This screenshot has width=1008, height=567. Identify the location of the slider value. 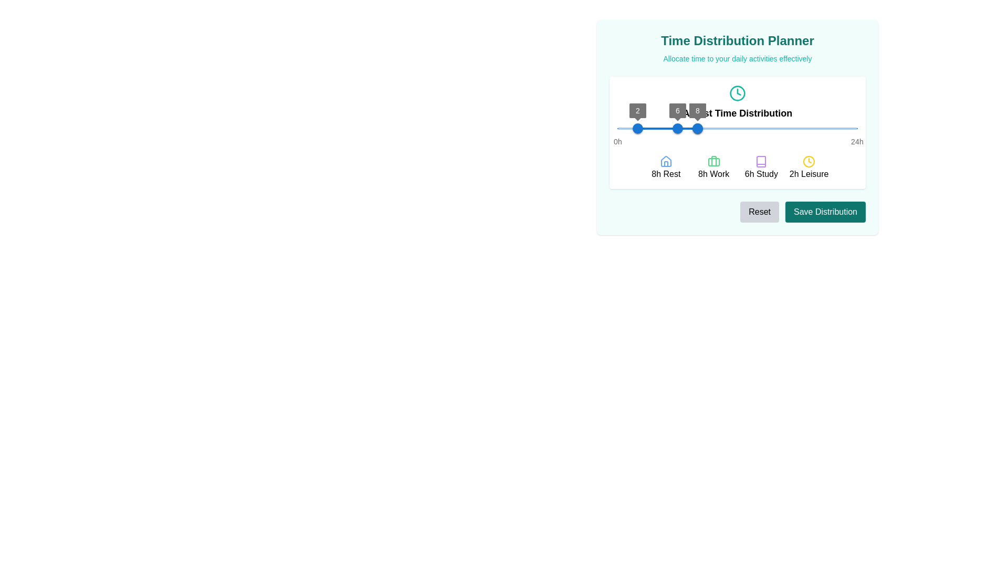
(657, 128).